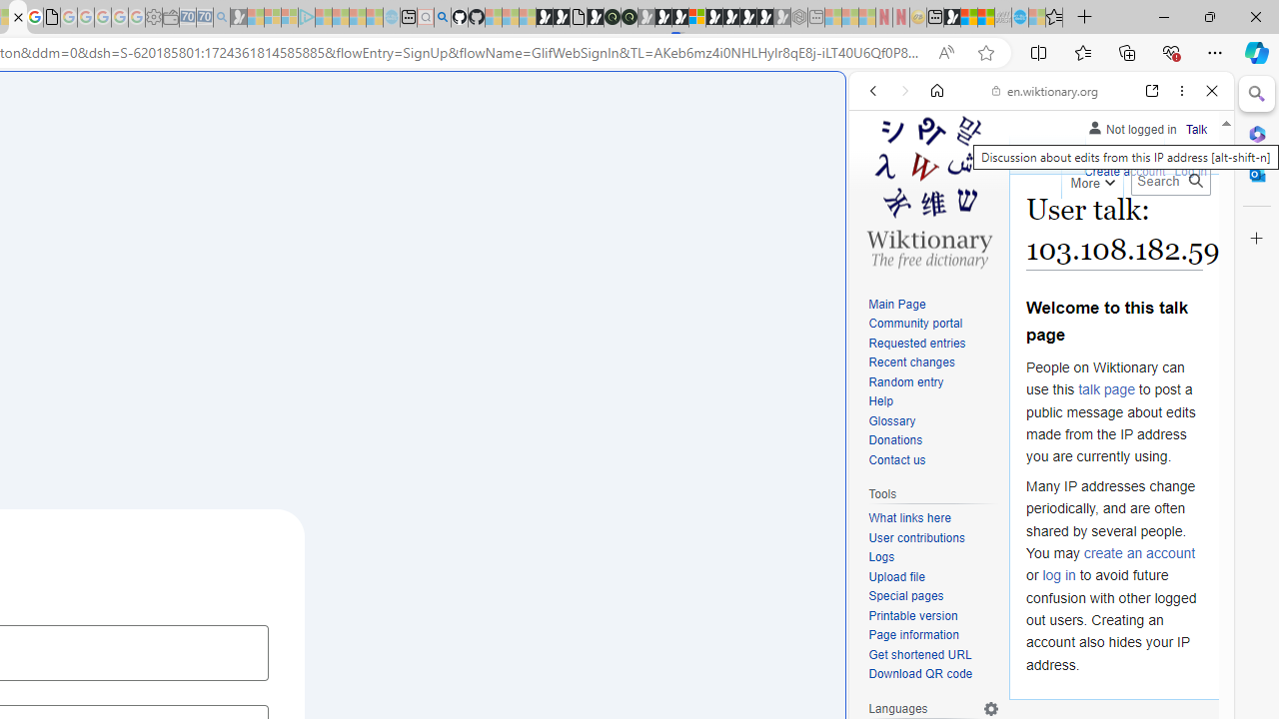 The height and width of the screenshot is (719, 1279). Describe the element at coordinates (933, 460) in the screenshot. I see `'Contact us'` at that location.